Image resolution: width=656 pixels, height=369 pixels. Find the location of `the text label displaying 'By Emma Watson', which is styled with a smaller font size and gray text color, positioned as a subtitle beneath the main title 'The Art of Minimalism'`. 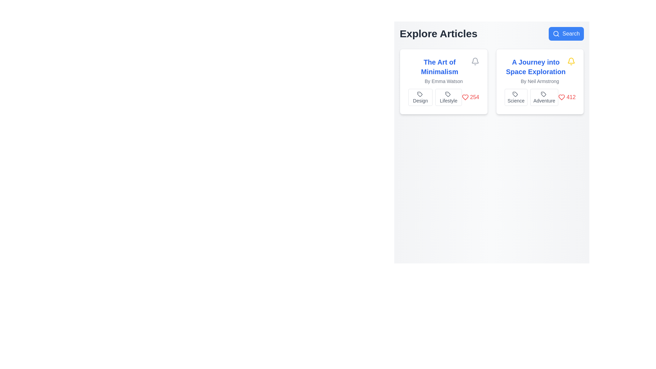

the text label displaying 'By Emma Watson', which is styled with a smaller font size and gray text color, positioned as a subtitle beneath the main title 'The Art of Minimalism' is located at coordinates (443, 81).